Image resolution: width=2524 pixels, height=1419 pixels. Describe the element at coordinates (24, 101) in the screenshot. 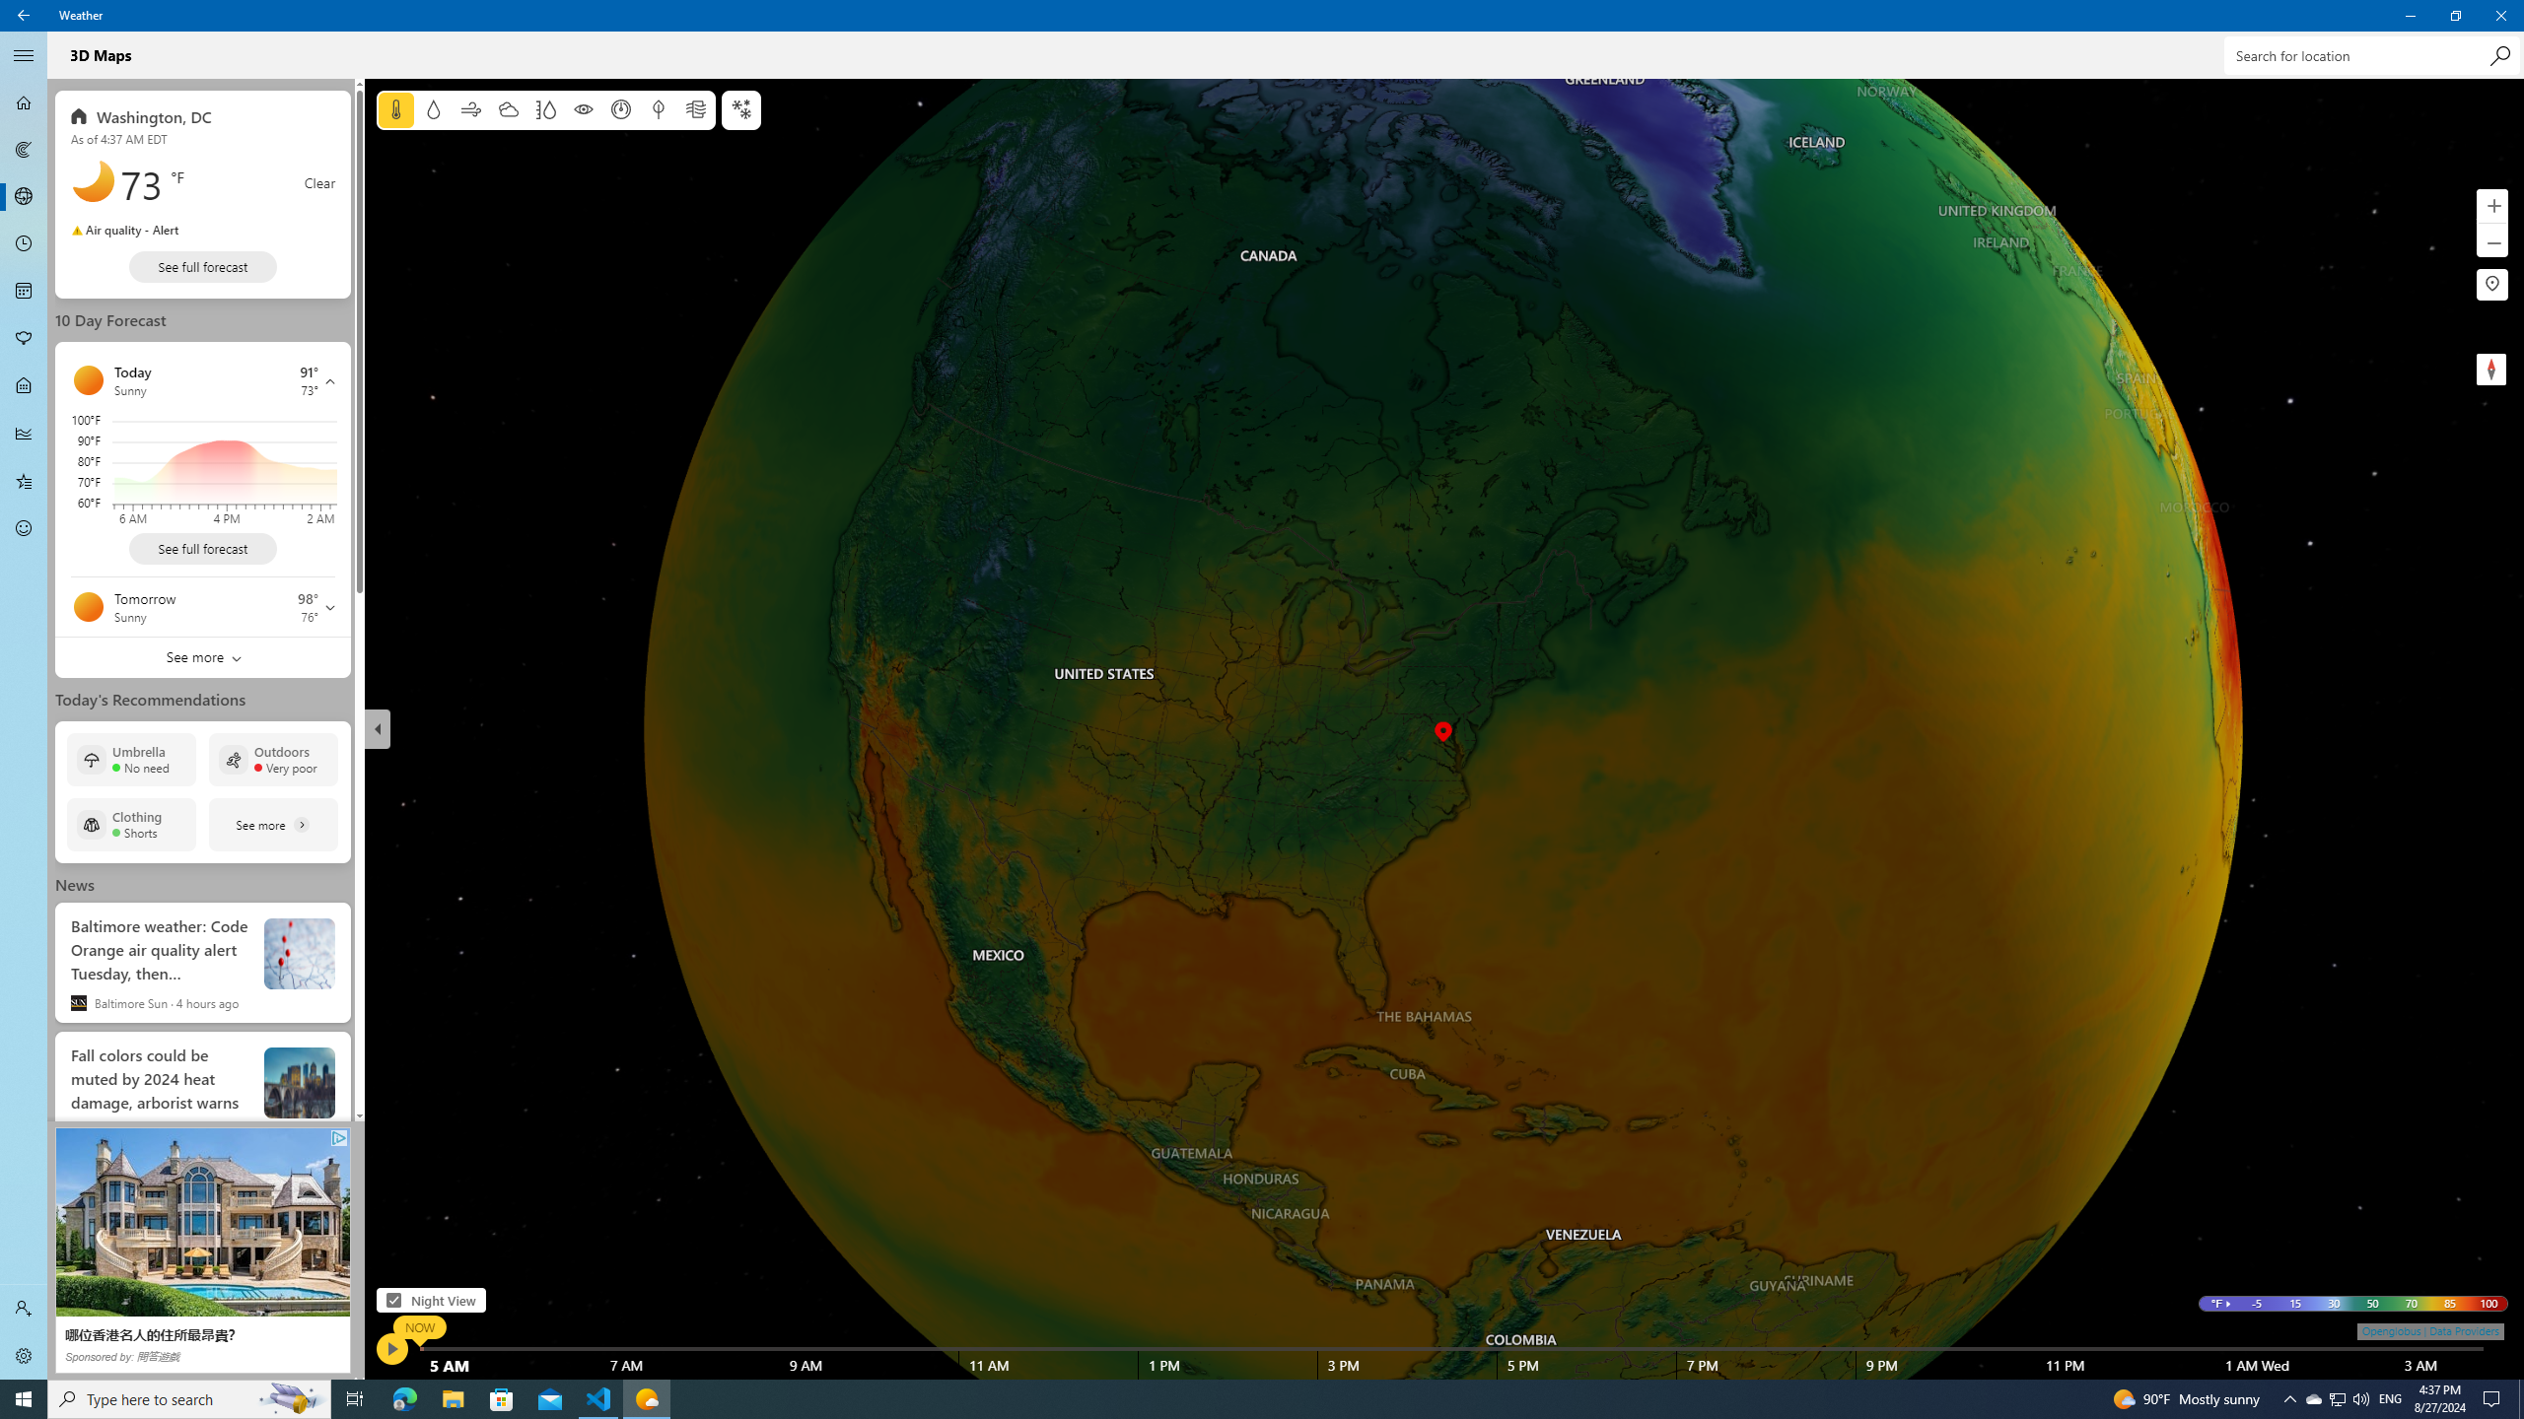

I see `'Forecast - Not Selected'` at that location.